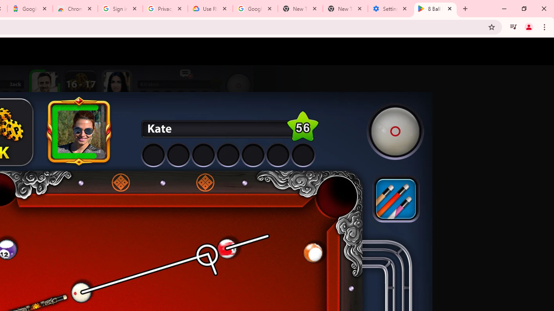 This screenshot has width=554, height=311. What do you see at coordinates (30, 9) in the screenshot?
I see `'Google'` at bounding box center [30, 9].